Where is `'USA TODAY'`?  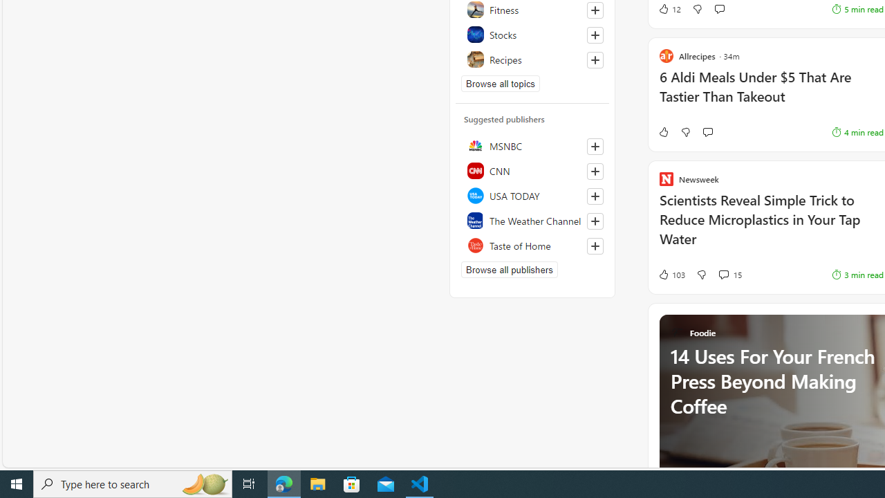
'USA TODAY' is located at coordinates (532, 195).